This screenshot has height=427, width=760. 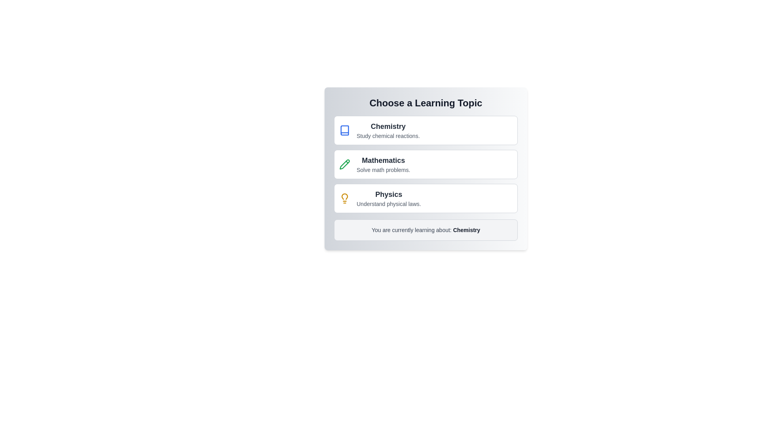 I want to click on text label indicating the subject 'Chemistry' and its description 'Study chemical reactions.' which is positioned in the topmost item of a vertically stacked list within a centered card interface, so click(x=388, y=130).